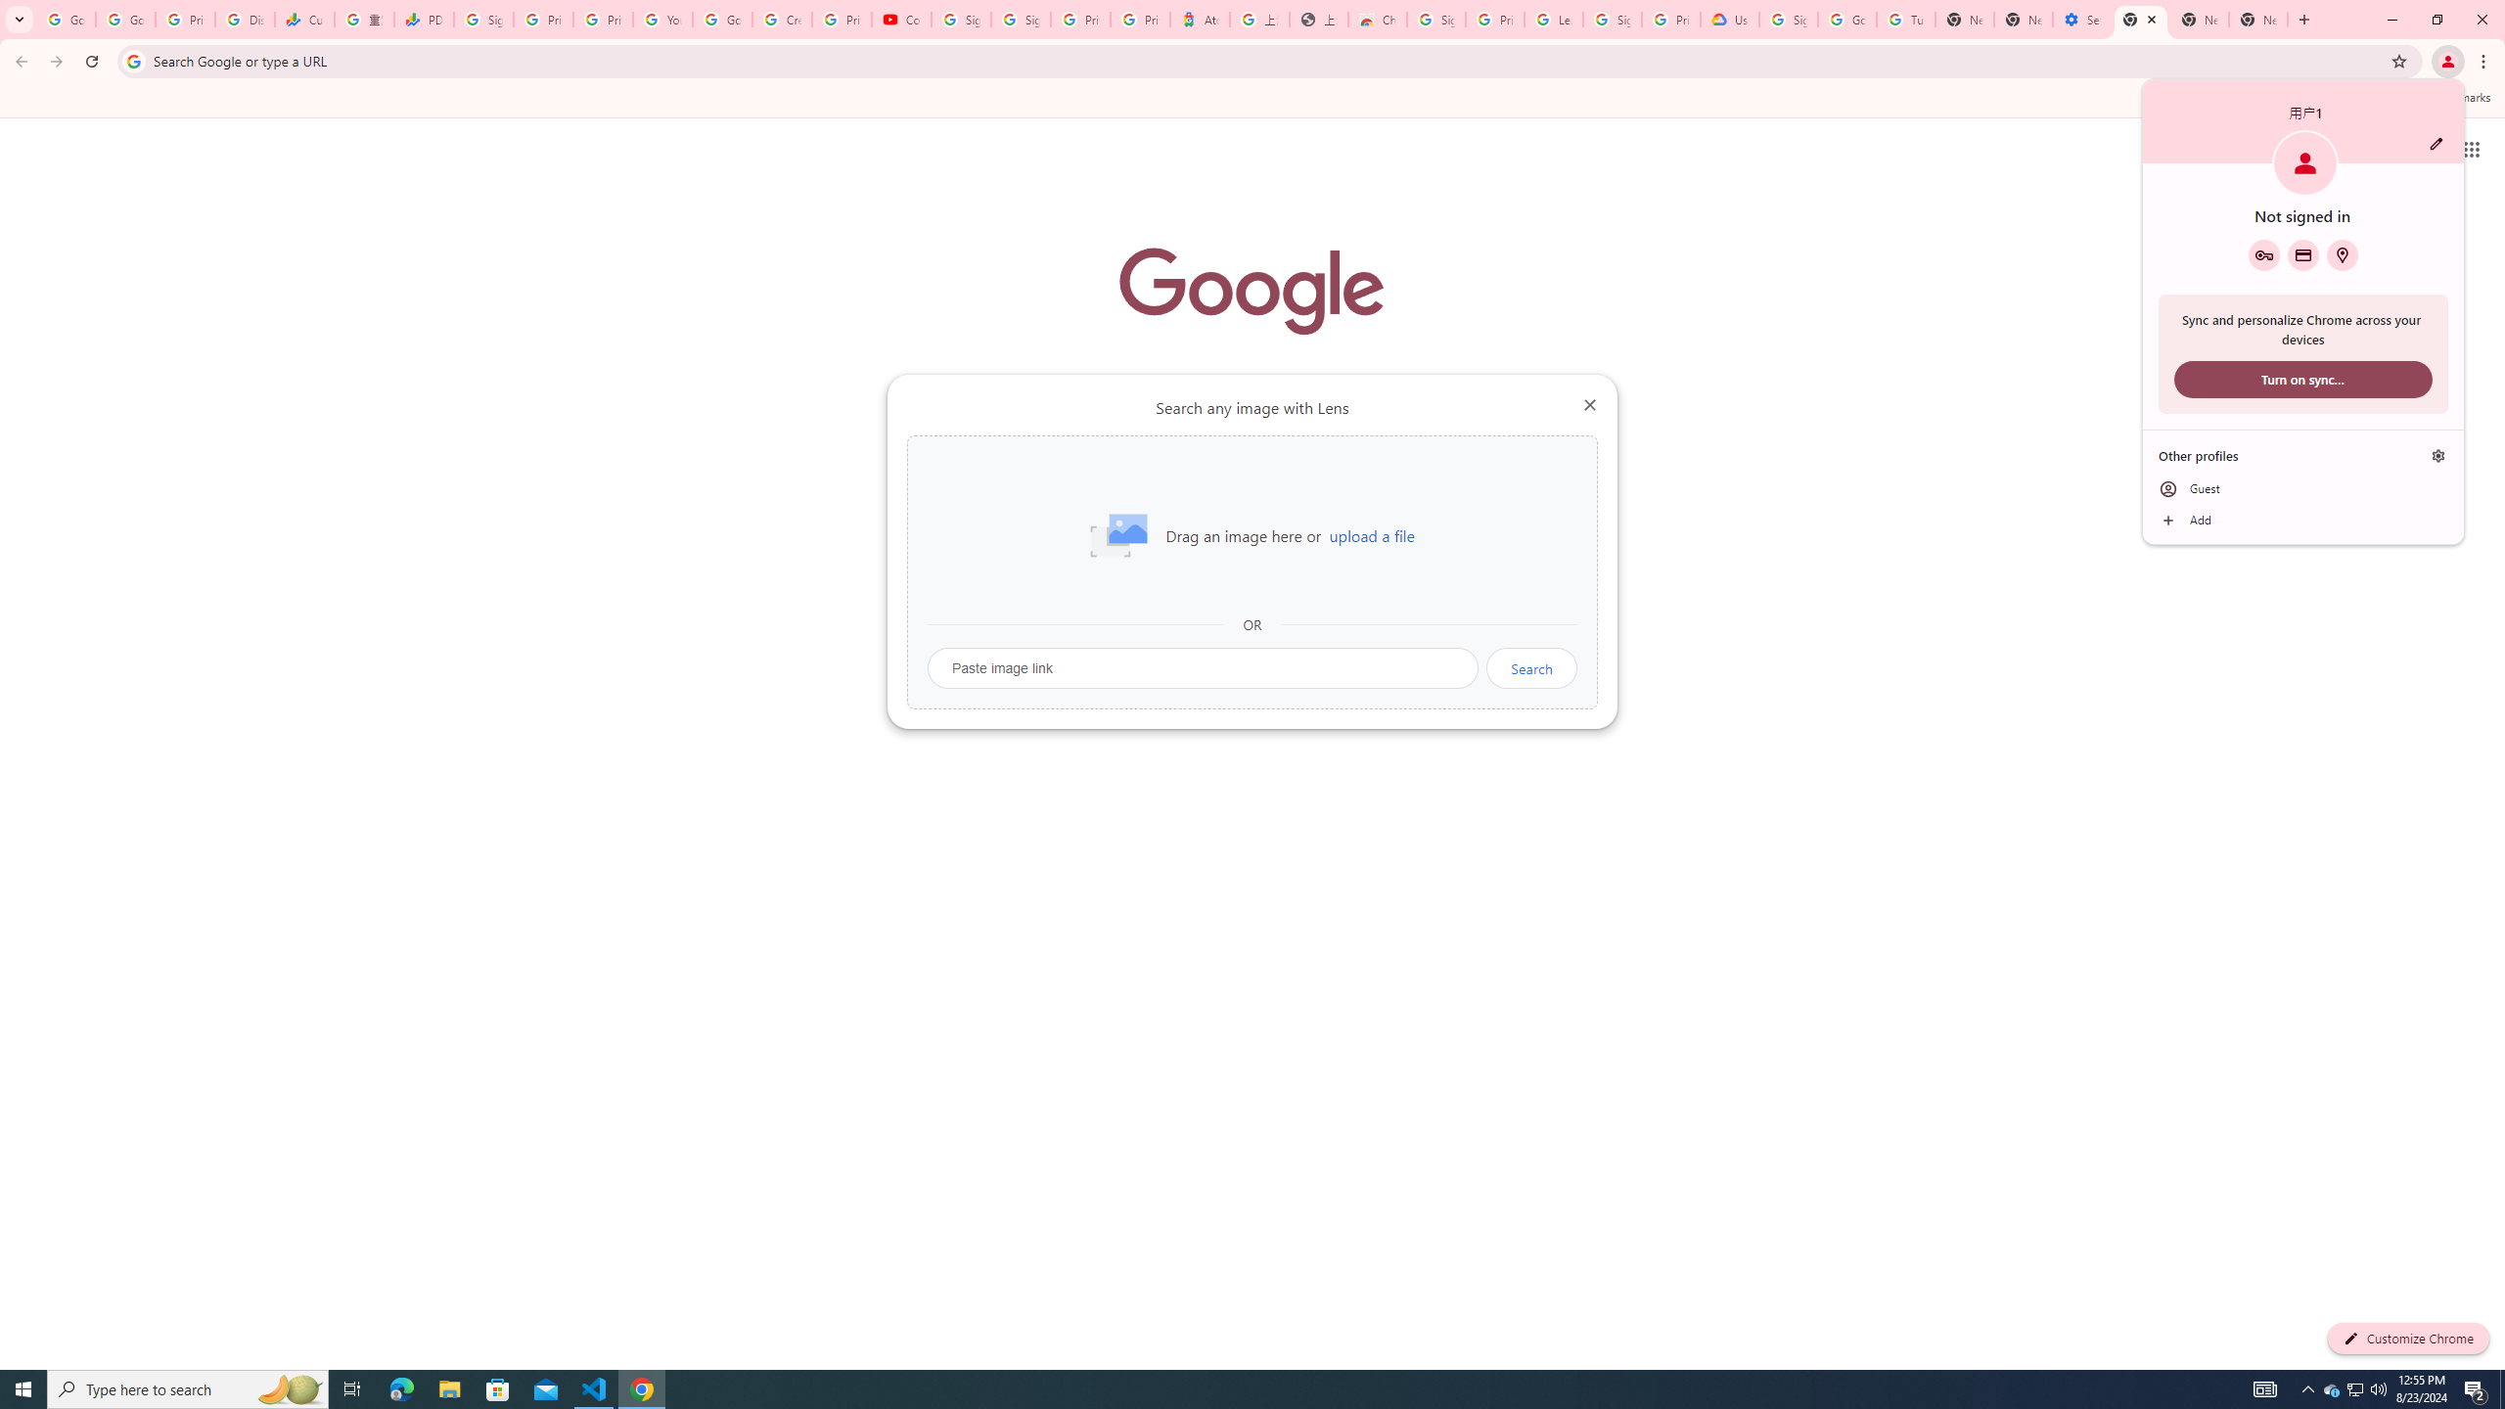 This screenshot has height=1409, width=2505. Describe the element at coordinates (642, 1387) in the screenshot. I see `'Google Chrome - 1 running window'` at that location.